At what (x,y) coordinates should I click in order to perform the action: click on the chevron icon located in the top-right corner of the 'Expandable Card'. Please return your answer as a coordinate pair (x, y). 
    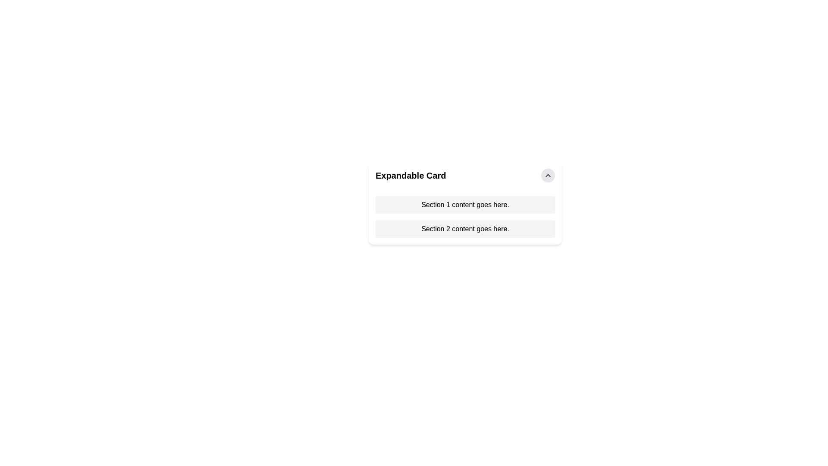
    Looking at the image, I should click on (548, 175).